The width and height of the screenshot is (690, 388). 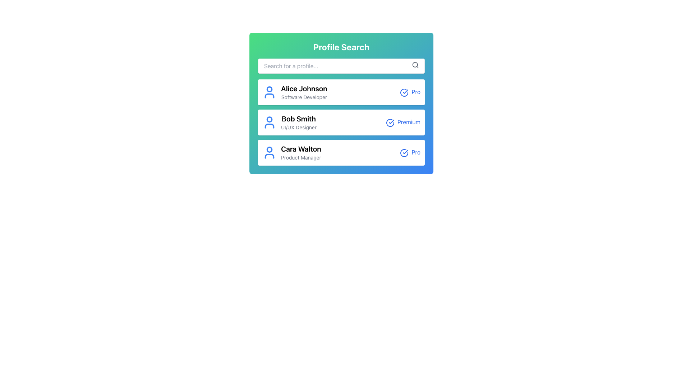 What do you see at coordinates (269, 119) in the screenshot?
I see `the circular representation of the head in the user profile SVG icon located at the top center of the icon, which is part of the profile entry for 'Bob Smith'` at bounding box center [269, 119].